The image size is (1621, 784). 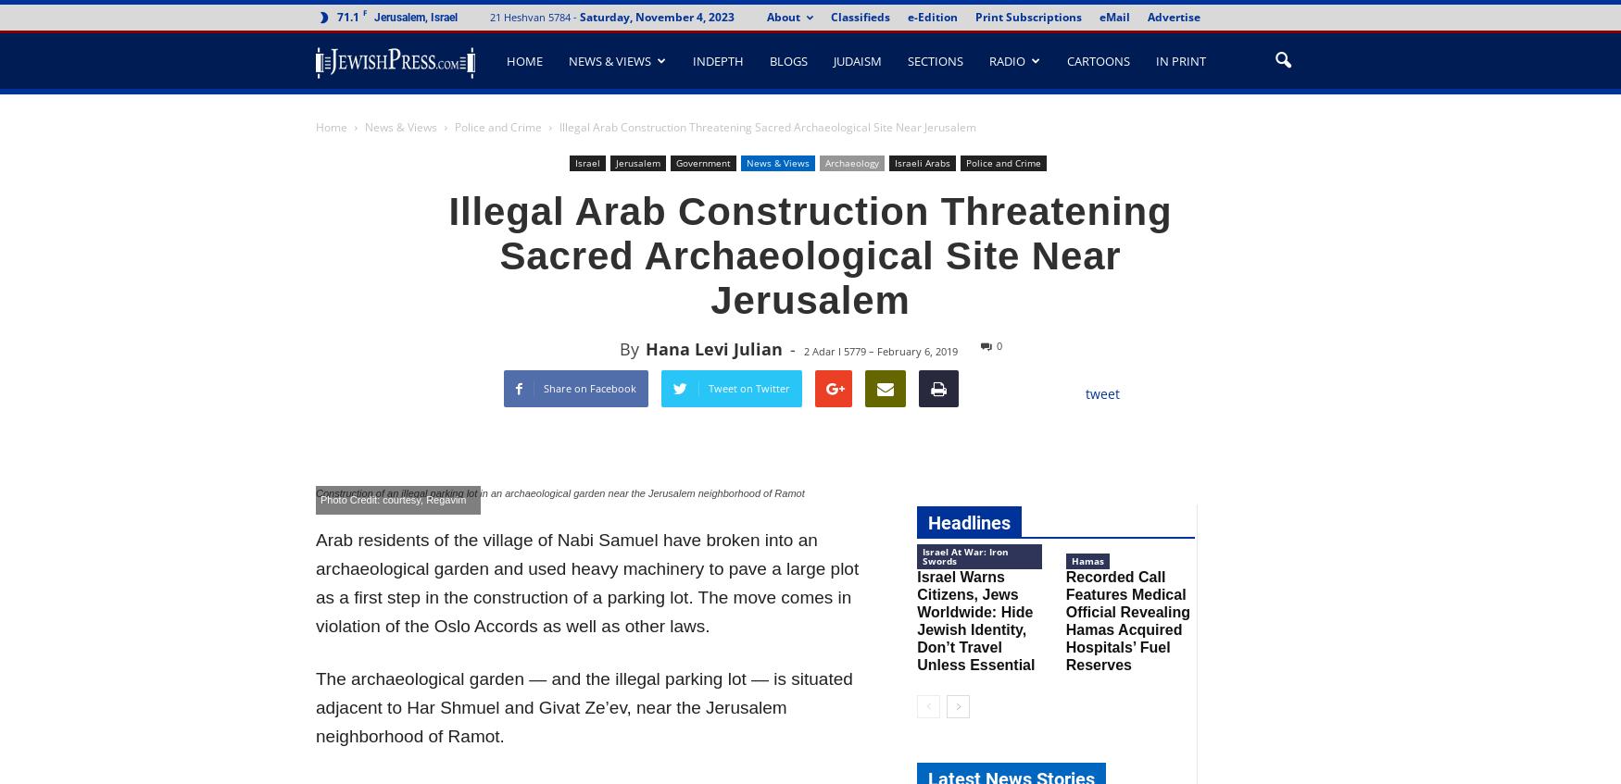 What do you see at coordinates (583, 706) in the screenshot?
I see `'The archaeological garden — and the illegal parking lot — is situated adjacent to Har Shmuel and Givat Ze’ev, near the Jerusalem neighborhood of Ramot.'` at bounding box center [583, 706].